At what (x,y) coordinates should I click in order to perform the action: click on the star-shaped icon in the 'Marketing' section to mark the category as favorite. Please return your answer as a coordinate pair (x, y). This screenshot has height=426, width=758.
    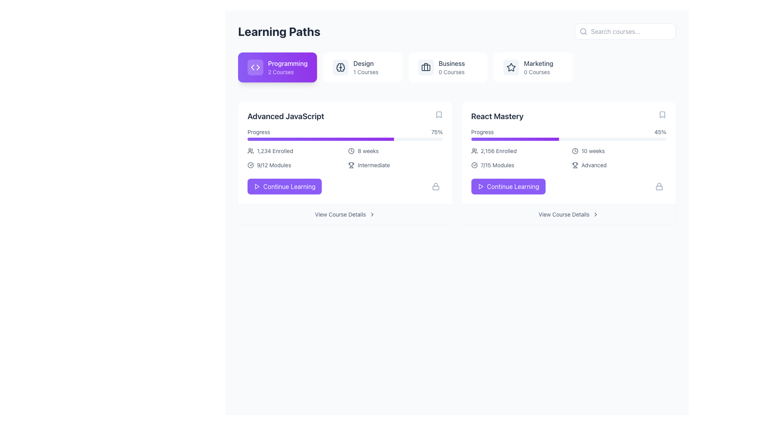
    Looking at the image, I should click on (511, 67).